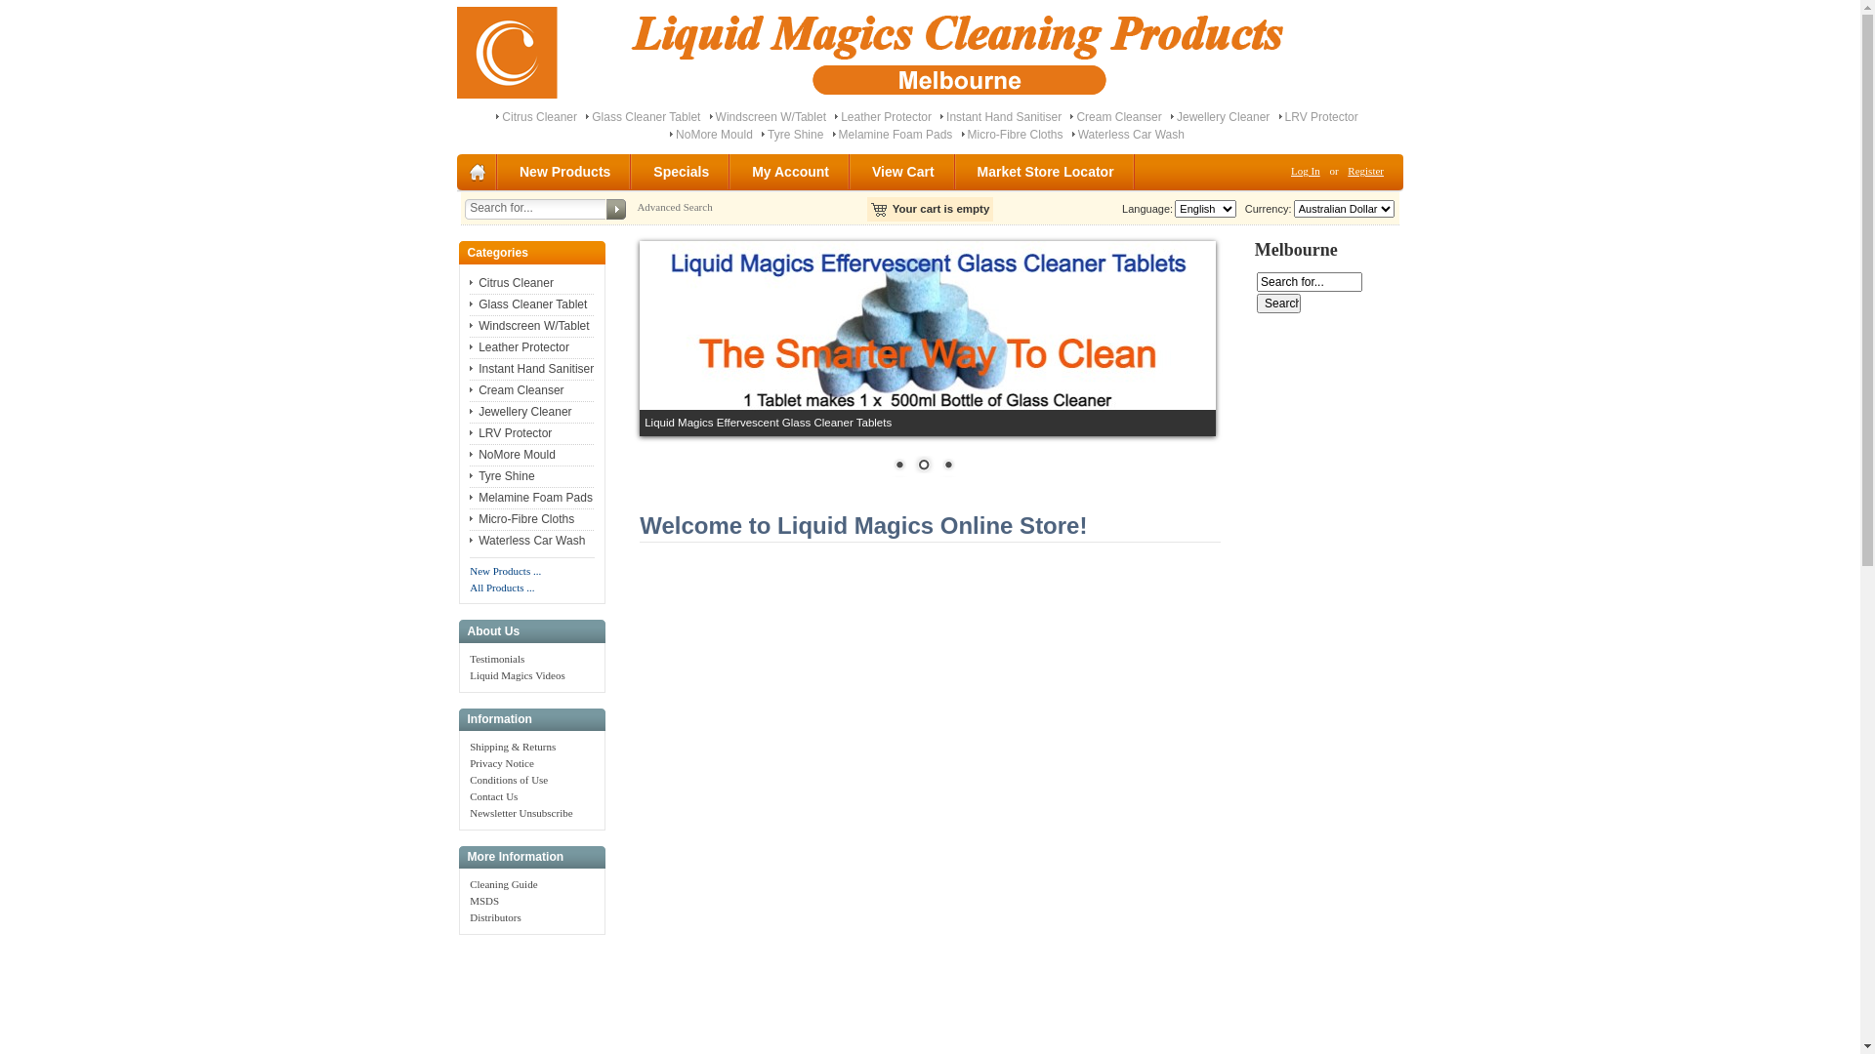 This screenshot has height=1054, width=1875. I want to click on 'Tyre Shine', so click(501, 476).